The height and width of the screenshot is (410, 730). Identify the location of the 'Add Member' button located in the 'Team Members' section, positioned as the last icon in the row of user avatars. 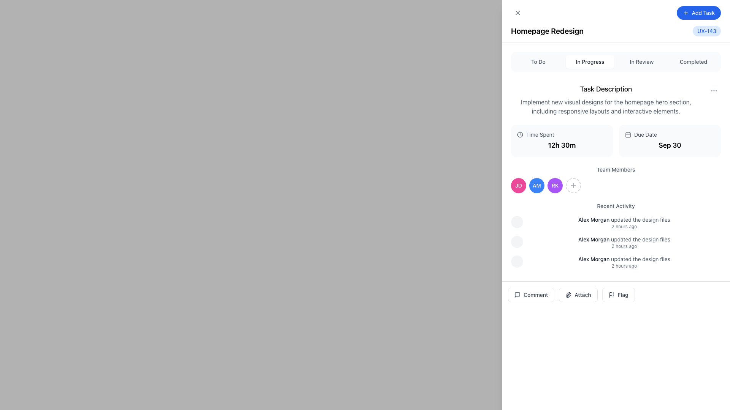
(573, 186).